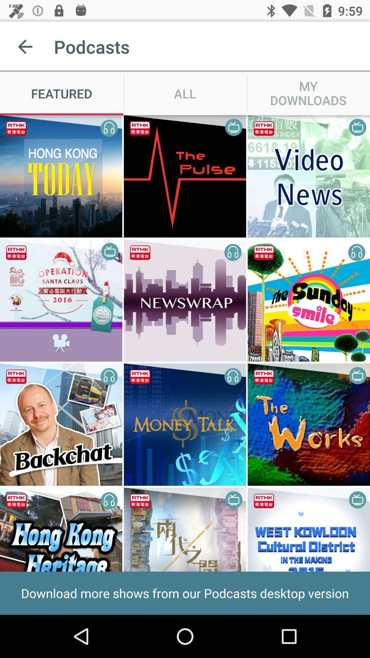  I want to click on the music symbol which is in the 3rd row 2nd image, so click(233, 376).